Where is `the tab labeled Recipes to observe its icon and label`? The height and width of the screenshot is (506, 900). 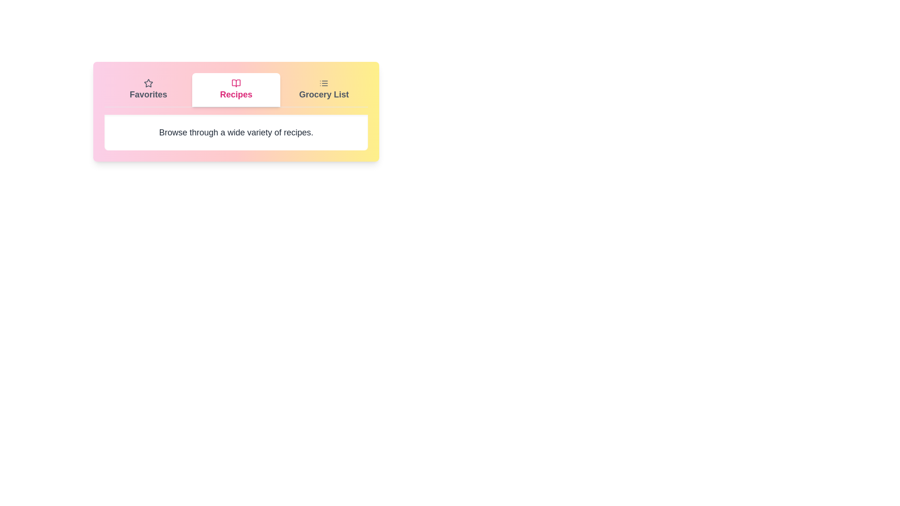 the tab labeled Recipes to observe its icon and label is located at coordinates (236, 90).